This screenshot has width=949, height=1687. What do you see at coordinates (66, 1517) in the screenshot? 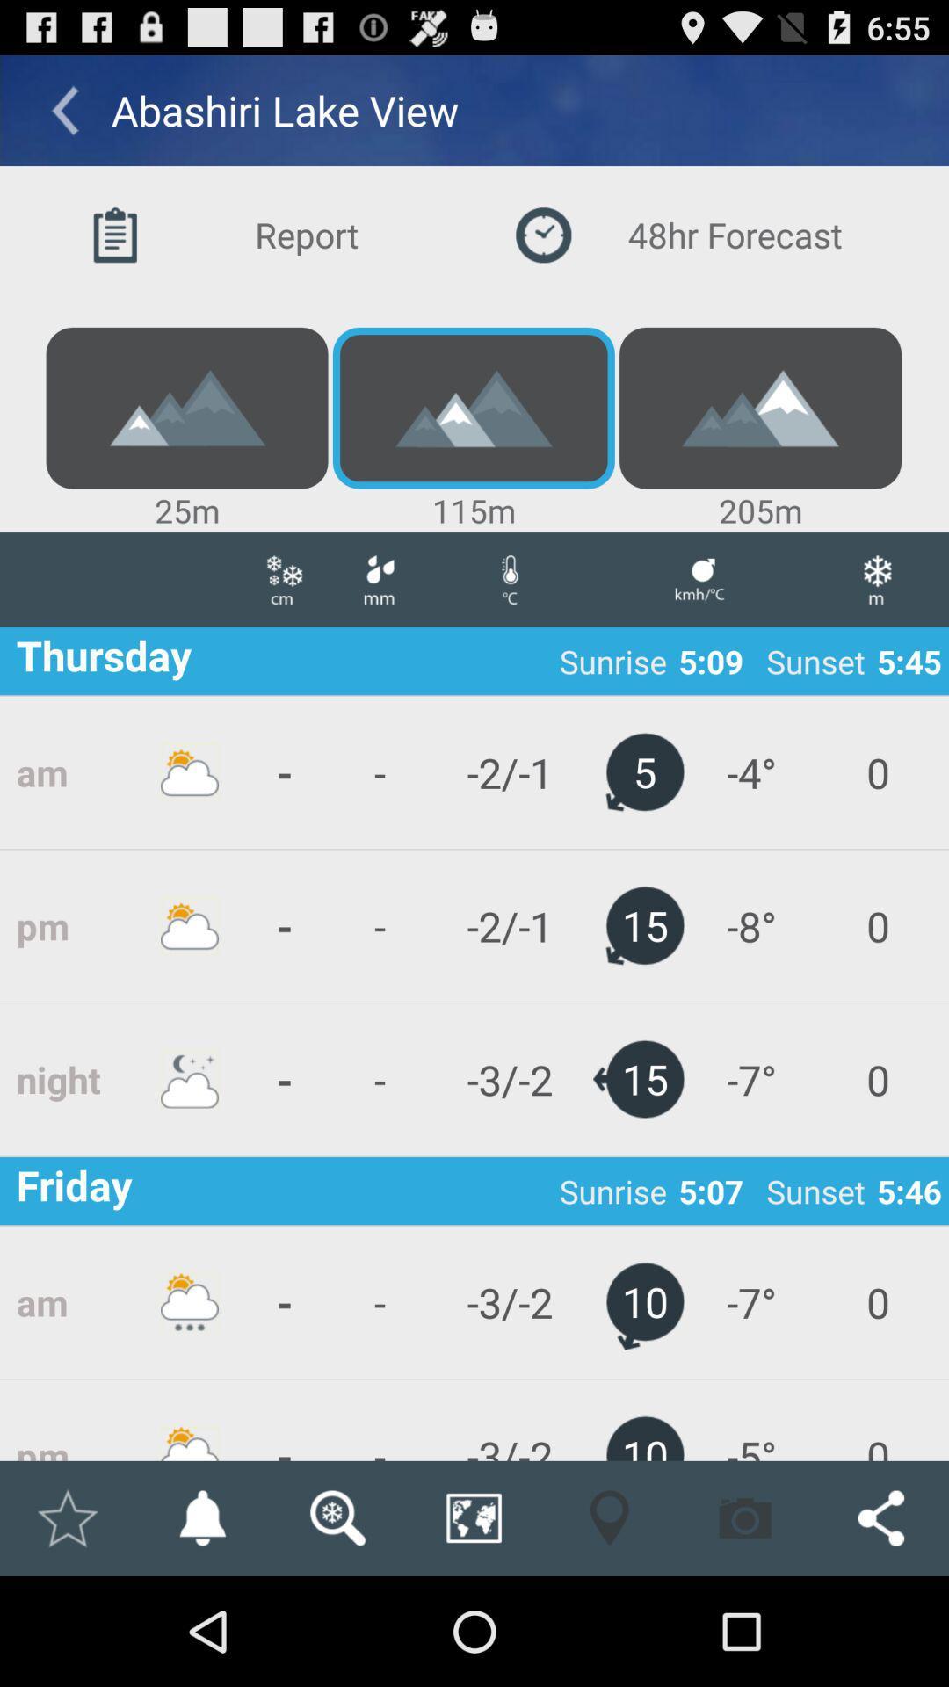
I see `page` at bounding box center [66, 1517].